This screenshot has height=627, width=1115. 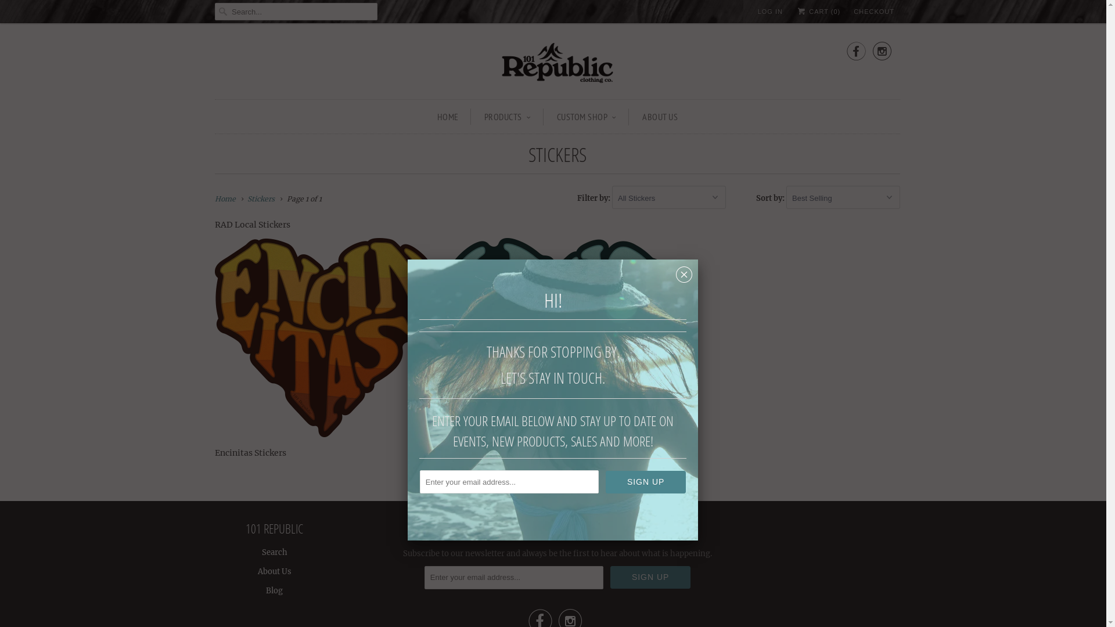 I want to click on 'PRODUCTS', so click(x=508, y=117).